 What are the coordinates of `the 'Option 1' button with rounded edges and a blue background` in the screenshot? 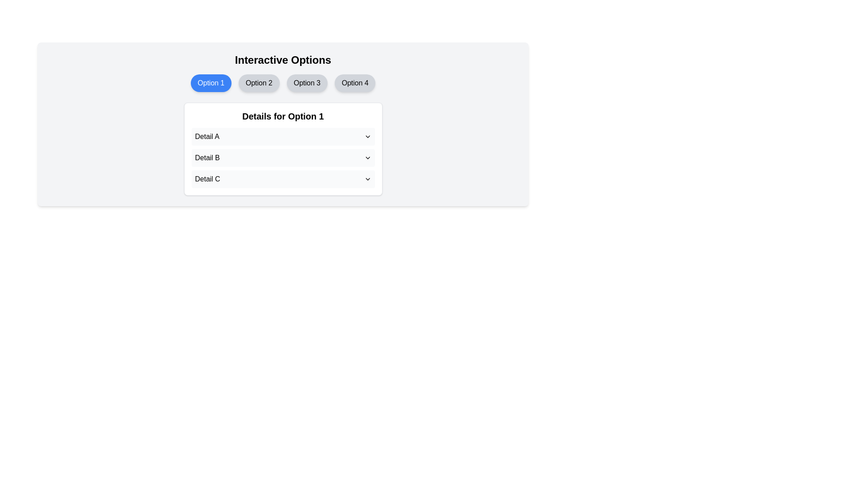 It's located at (210, 83).